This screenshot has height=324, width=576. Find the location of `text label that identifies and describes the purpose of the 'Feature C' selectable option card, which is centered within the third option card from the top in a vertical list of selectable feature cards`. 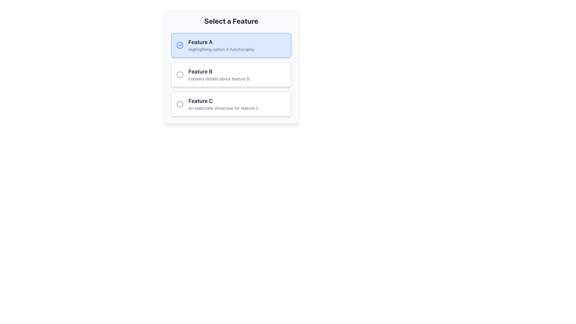

text label that identifies and describes the purpose of the 'Feature C' selectable option card, which is centered within the third option card from the top in a vertical list of selectable feature cards is located at coordinates (224, 104).